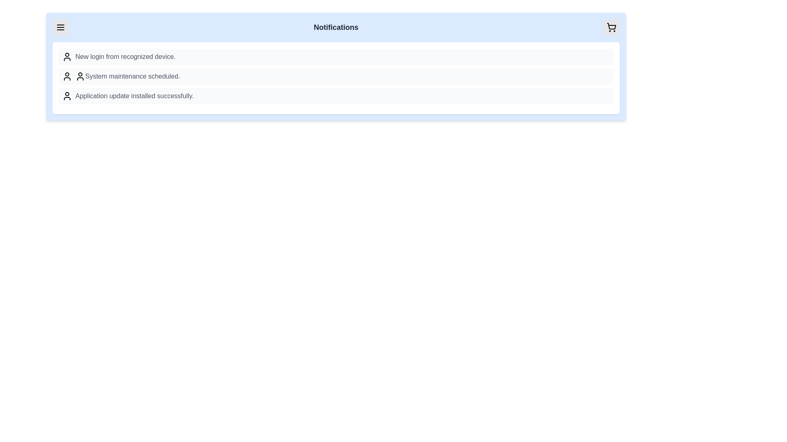 The width and height of the screenshot is (787, 442). I want to click on the shopping cart icon located in the top-right corner of the interface, so click(612, 27).